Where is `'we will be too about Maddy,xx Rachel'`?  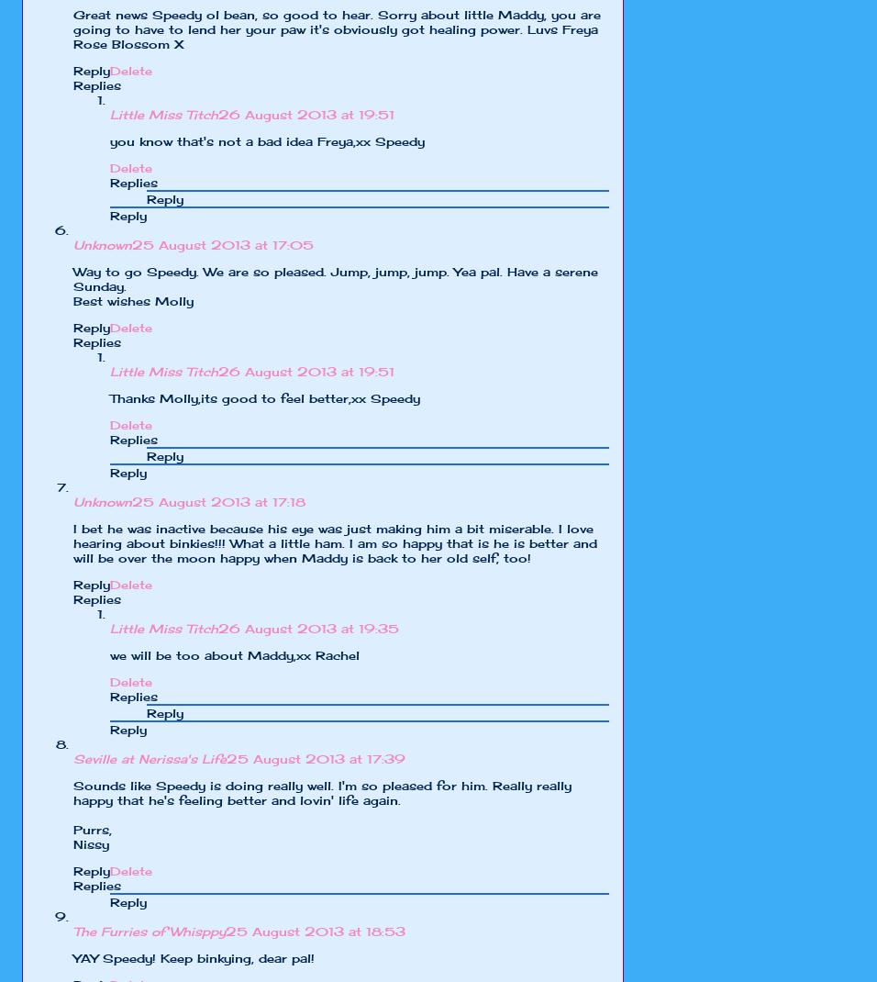
'we will be too about Maddy,xx Rachel' is located at coordinates (234, 654).